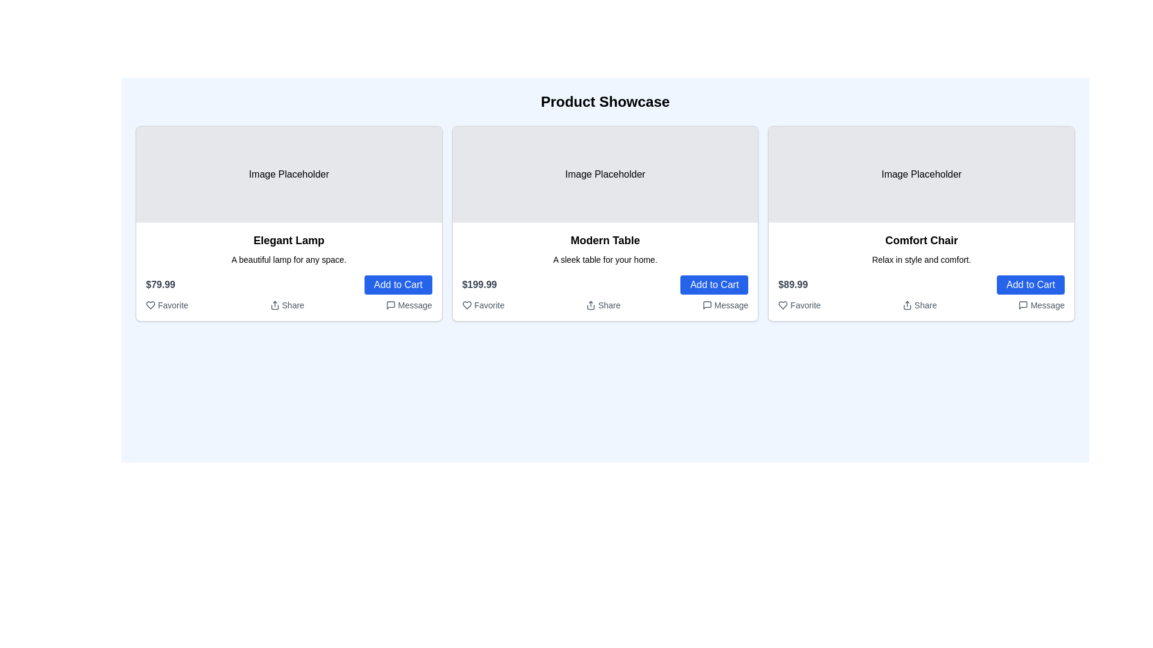 The image size is (1153, 648). What do you see at coordinates (783, 305) in the screenshot?
I see `the favorite icon located in the bottom section of the rightmost product card titled 'Comfort Chair' to mark it as a favorite` at bounding box center [783, 305].